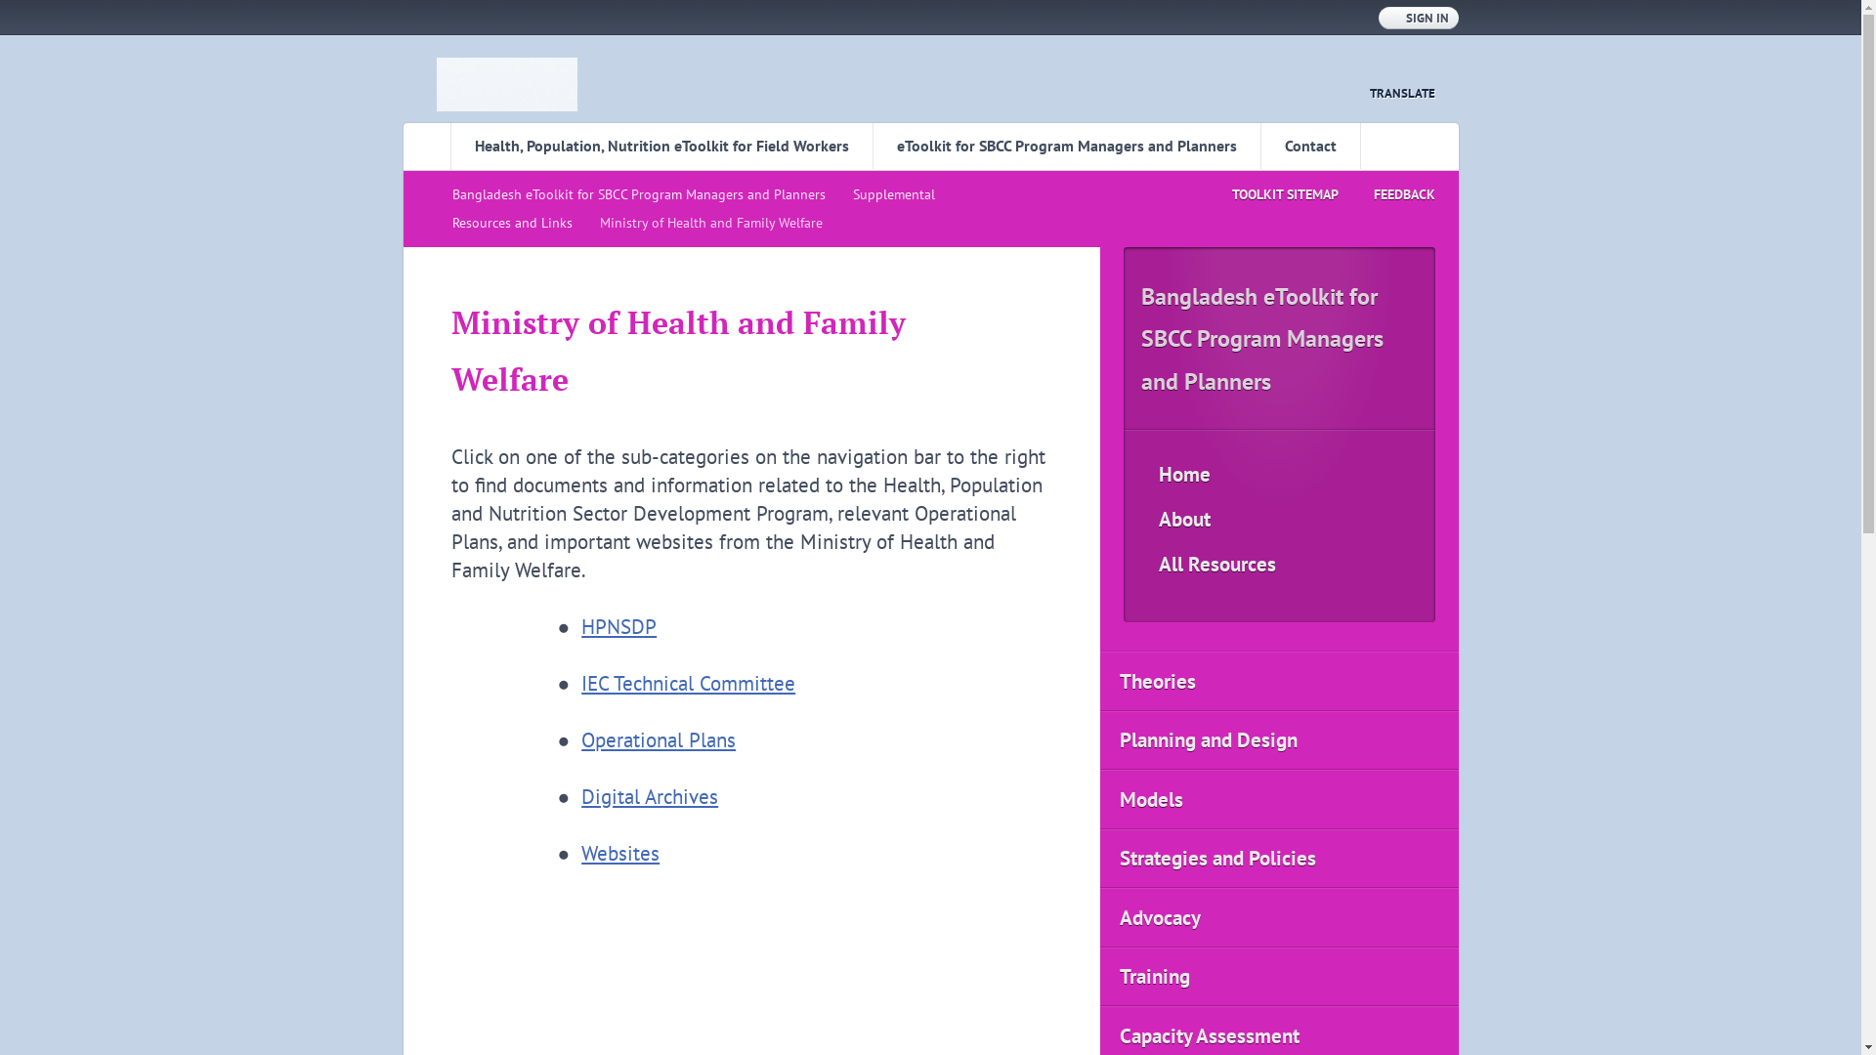  What do you see at coordinates (1389, 93) in the screenshot?
I see `'TRANSLATE'` at bounding box center [1389, 93].